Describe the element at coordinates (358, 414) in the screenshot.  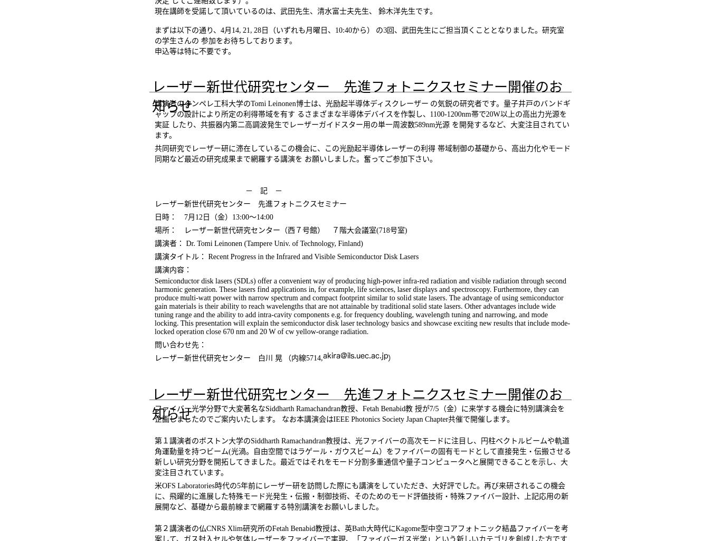
I see `'ファイバー光学分野で大変著名なSiddharth Ramachandran教授、Fetah Benabid教
授が7/5（金）に来学する機会に特別講演会を企画しましたのでご案内いたします。
なお本講演会はIEEE Photonics Society Japan Chapter共催で開催します。'` at that location.